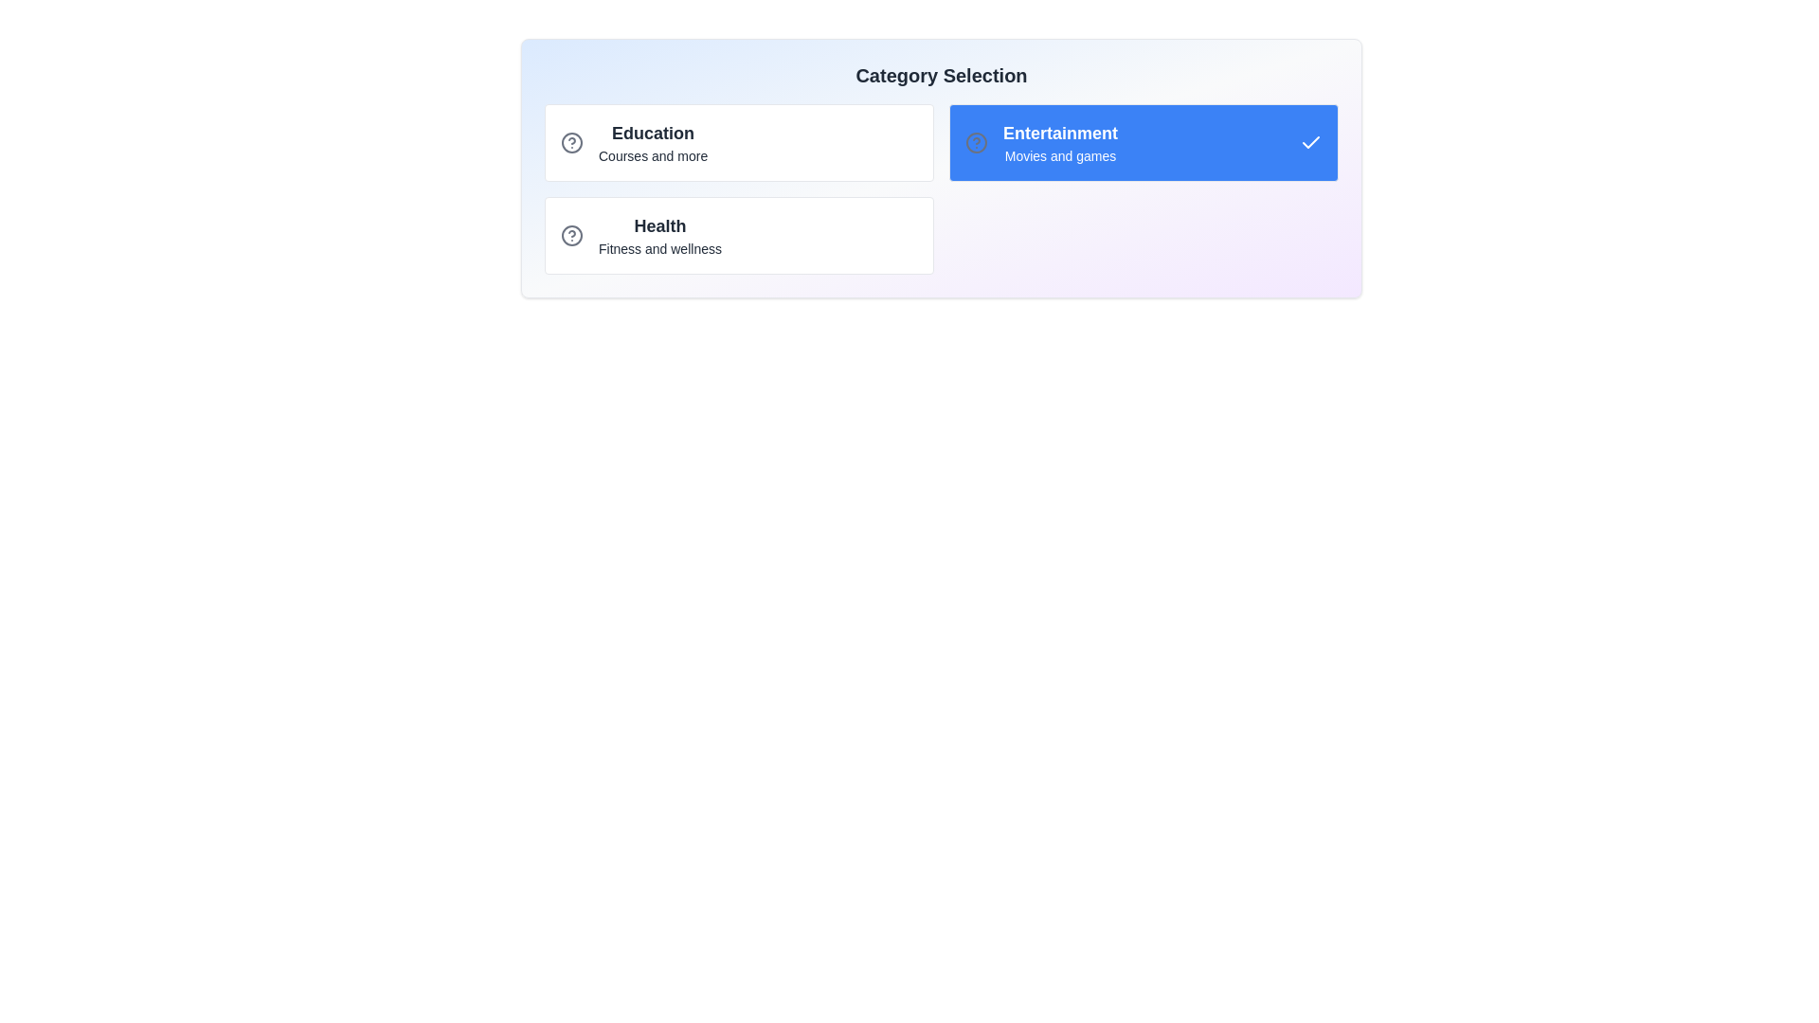 The image size is (1819, 1023). I want to click on the category Education to select it, so click(738, 141).